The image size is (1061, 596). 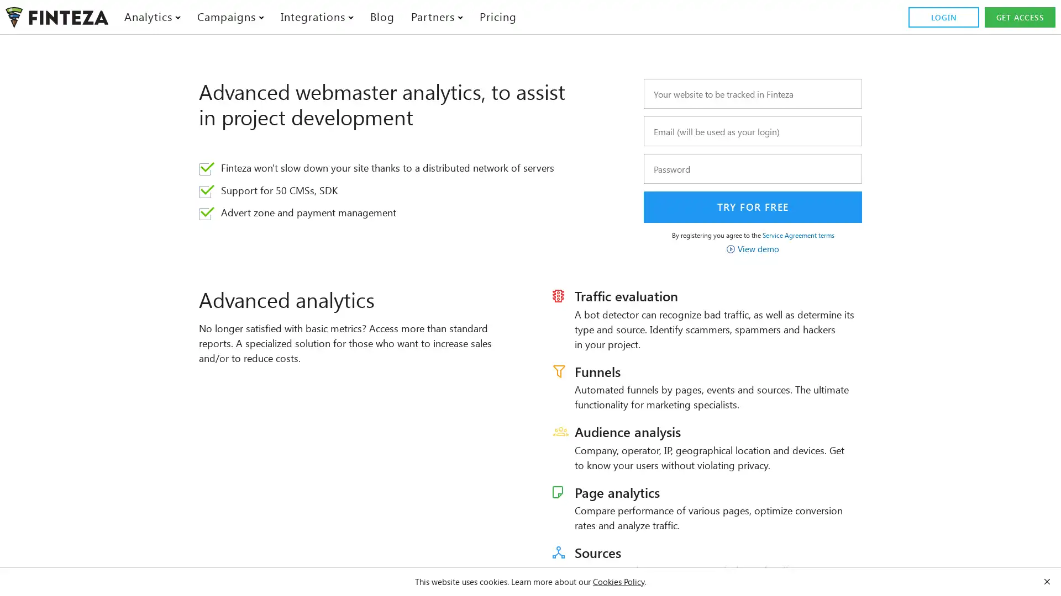 I want to click on Try for free, so click(x=752, y=207).